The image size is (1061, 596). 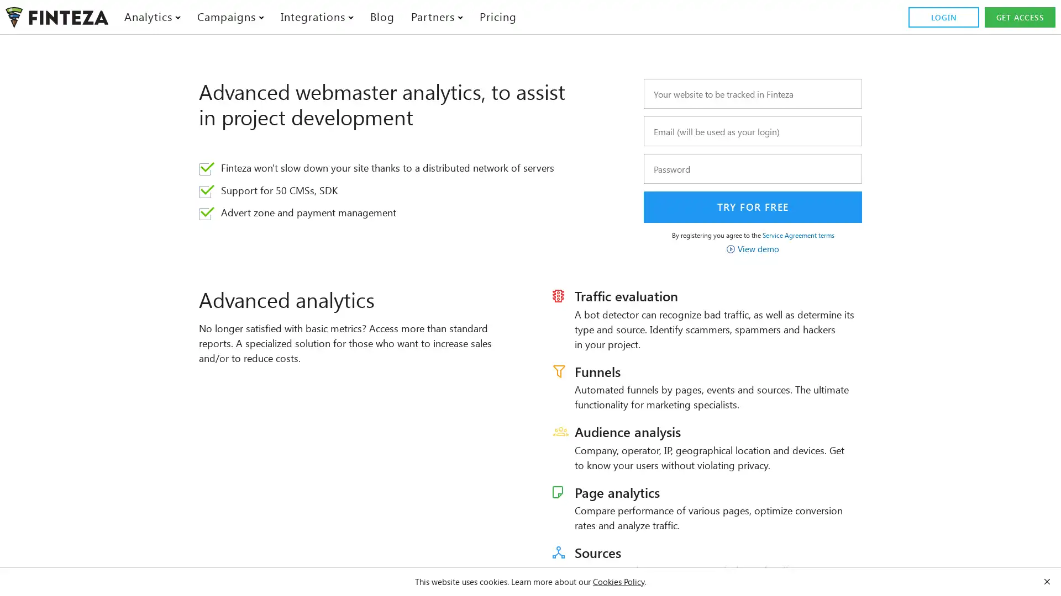 I want to click on Try for free, so click(x=752, y=207).